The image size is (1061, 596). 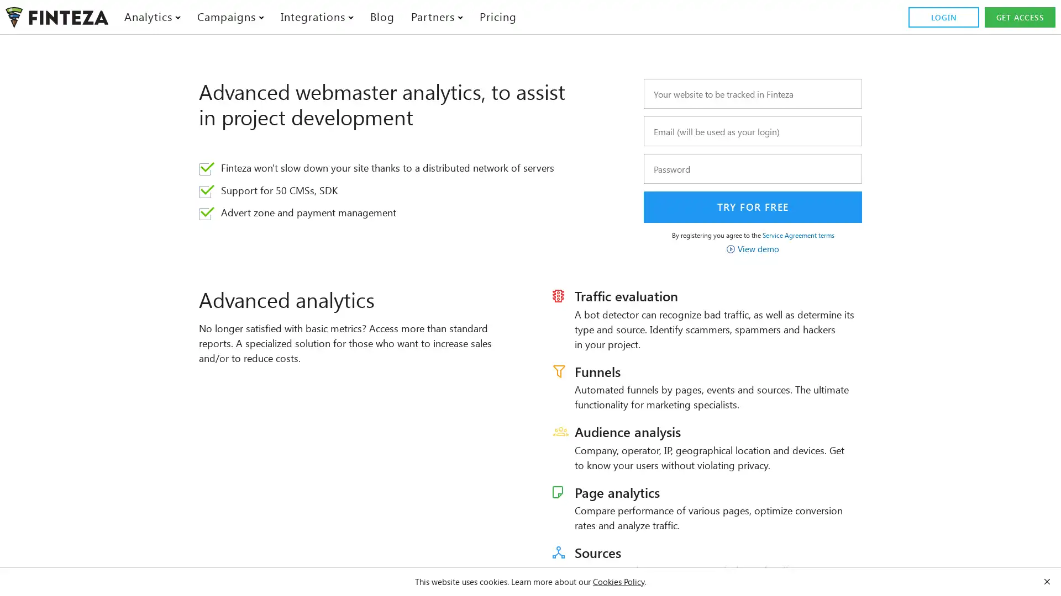 I want to click on Try for free, so click(x=752, y=207).